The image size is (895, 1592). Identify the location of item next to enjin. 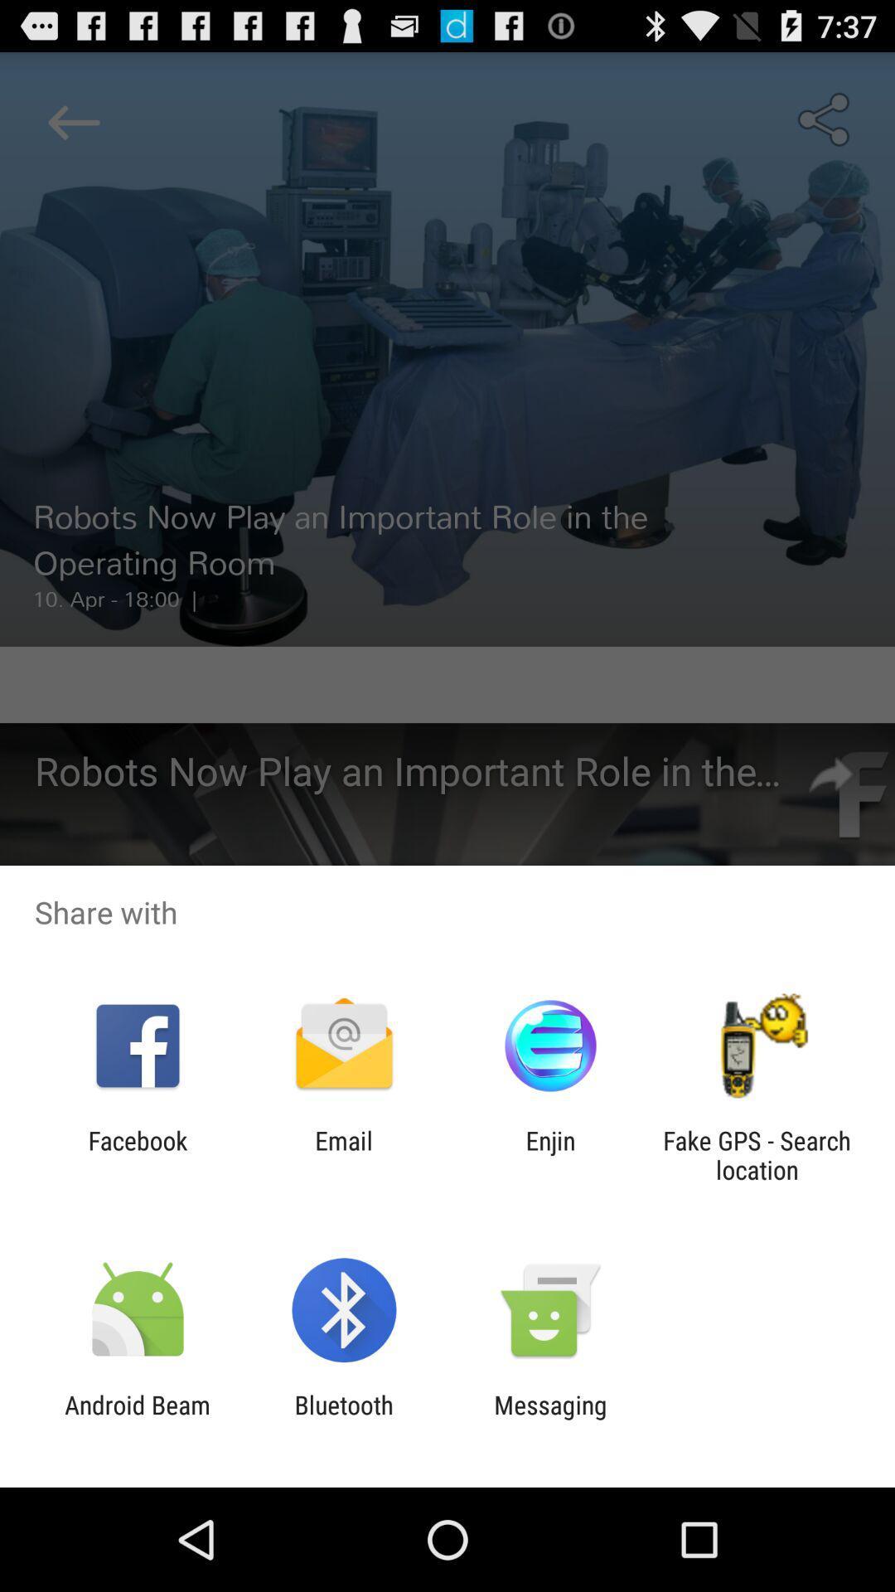
(343, 1154).